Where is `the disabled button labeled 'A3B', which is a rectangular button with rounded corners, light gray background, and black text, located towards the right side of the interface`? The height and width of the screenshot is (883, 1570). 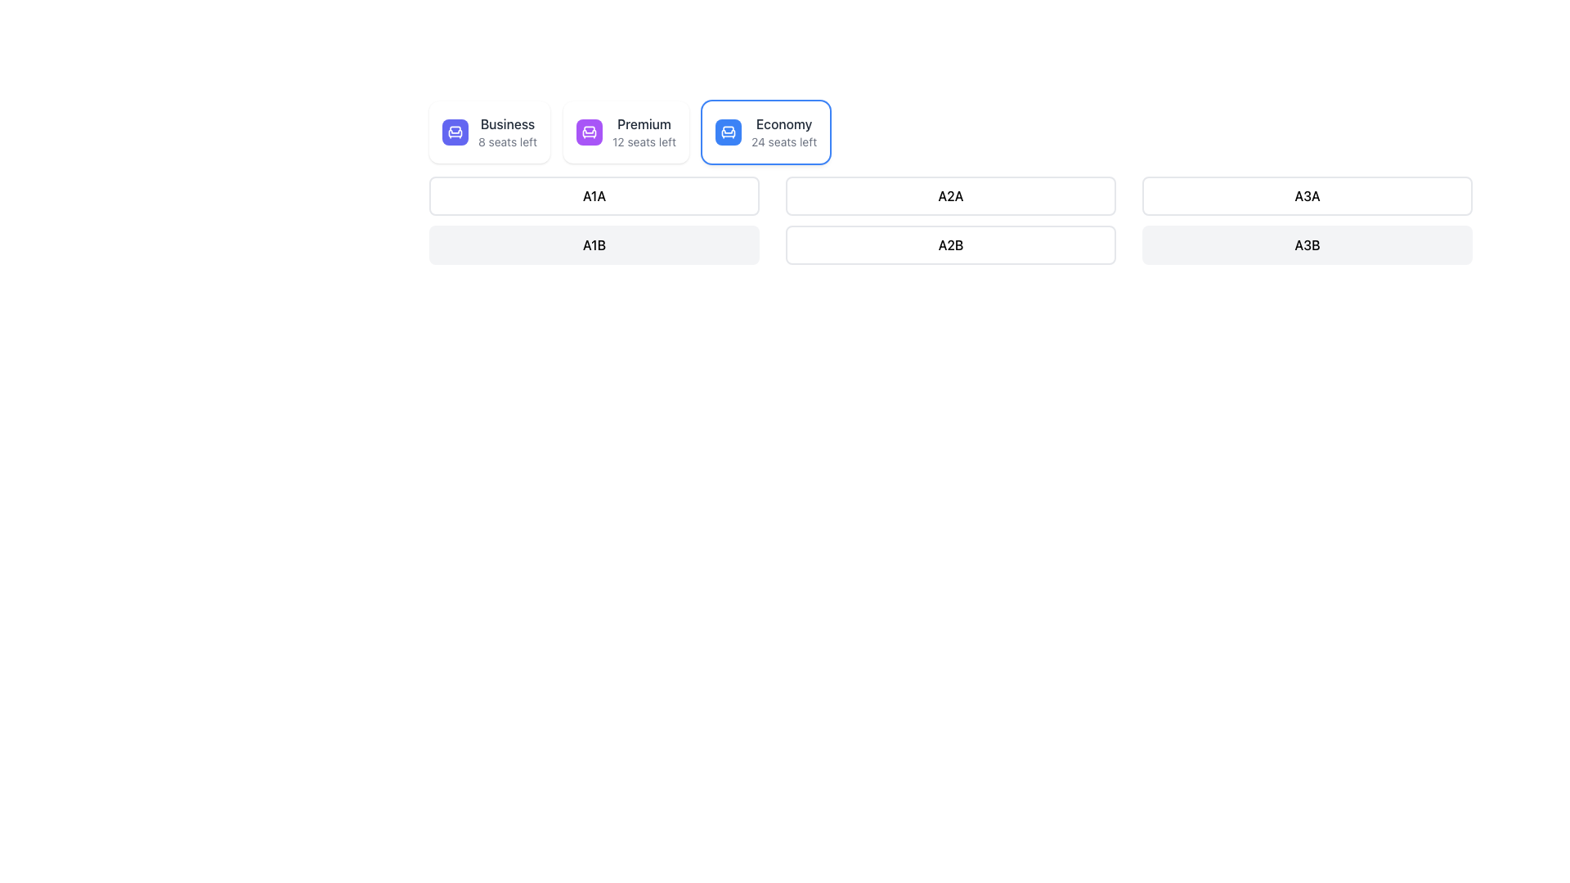
the disabled button labeled 'A3B', which is a rectangular button with rounded corners, light gray background, and black text, located towards the right side of the interface is located at coordinates (1306, 245).